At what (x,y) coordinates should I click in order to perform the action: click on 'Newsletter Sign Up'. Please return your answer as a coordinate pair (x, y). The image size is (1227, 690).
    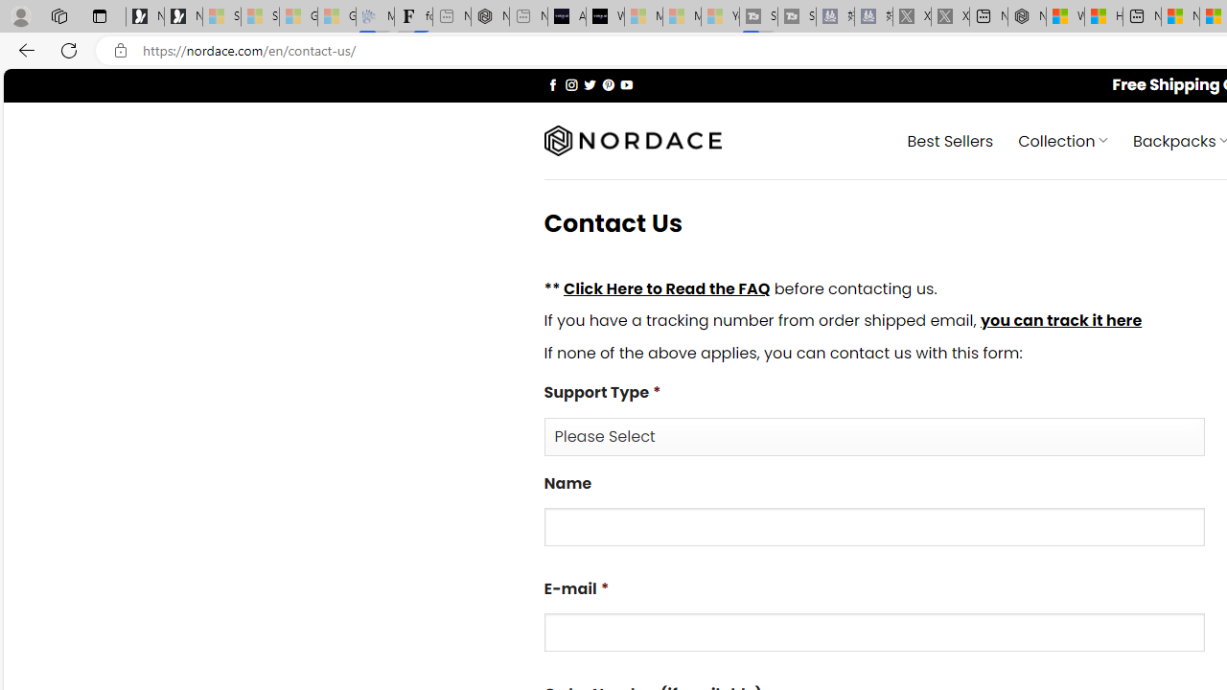
    Looking at the image, I should click on (183, 16).